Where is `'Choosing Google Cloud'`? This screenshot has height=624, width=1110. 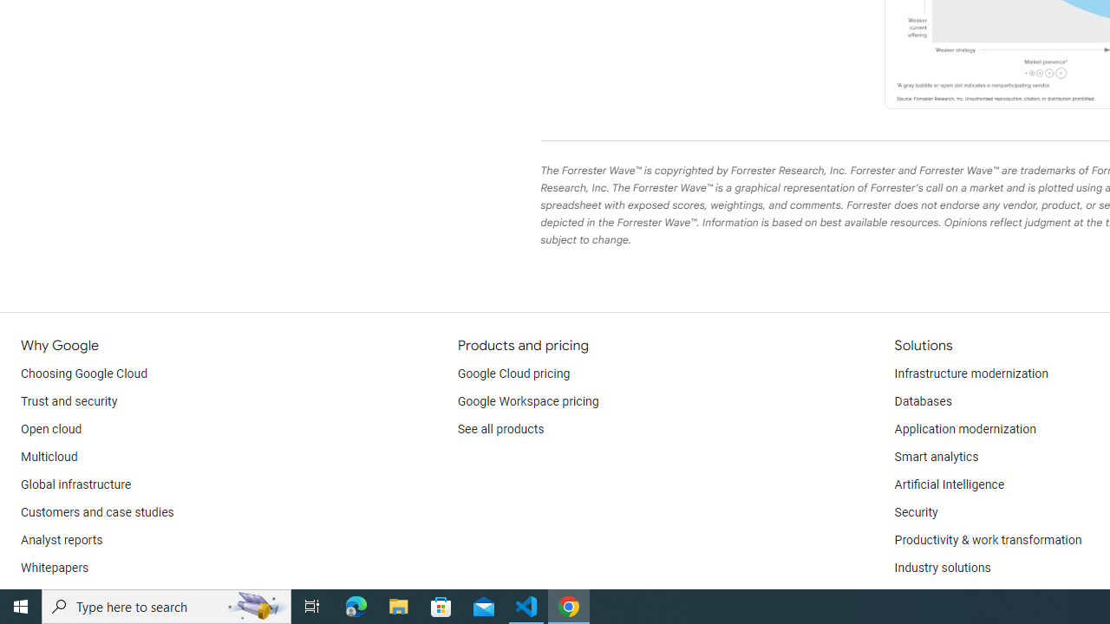
'Choosing Google Cloud' is located at coordinates (83, 374).